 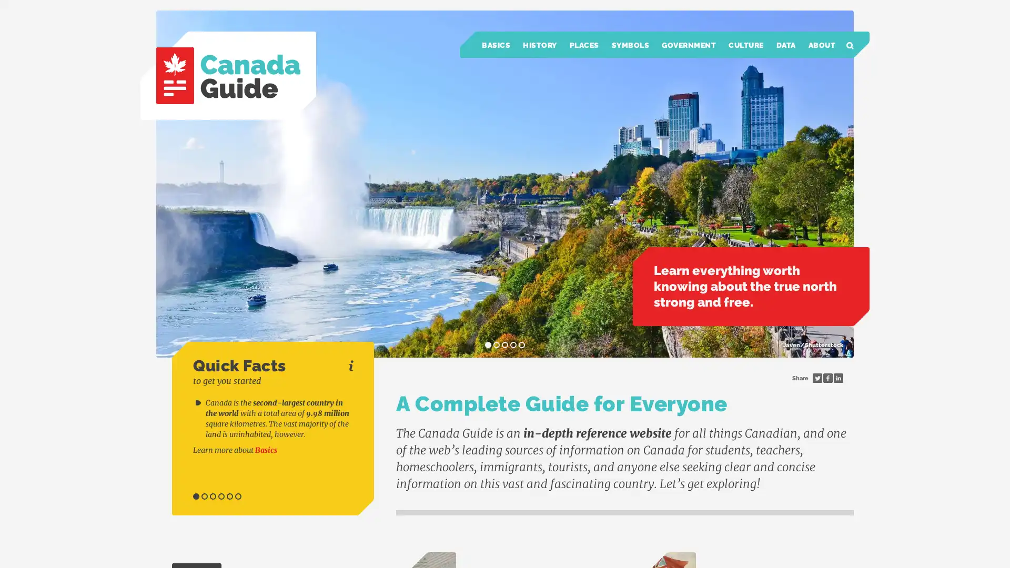 I want to click on Go to slide 1, so click(x=487, y=344).